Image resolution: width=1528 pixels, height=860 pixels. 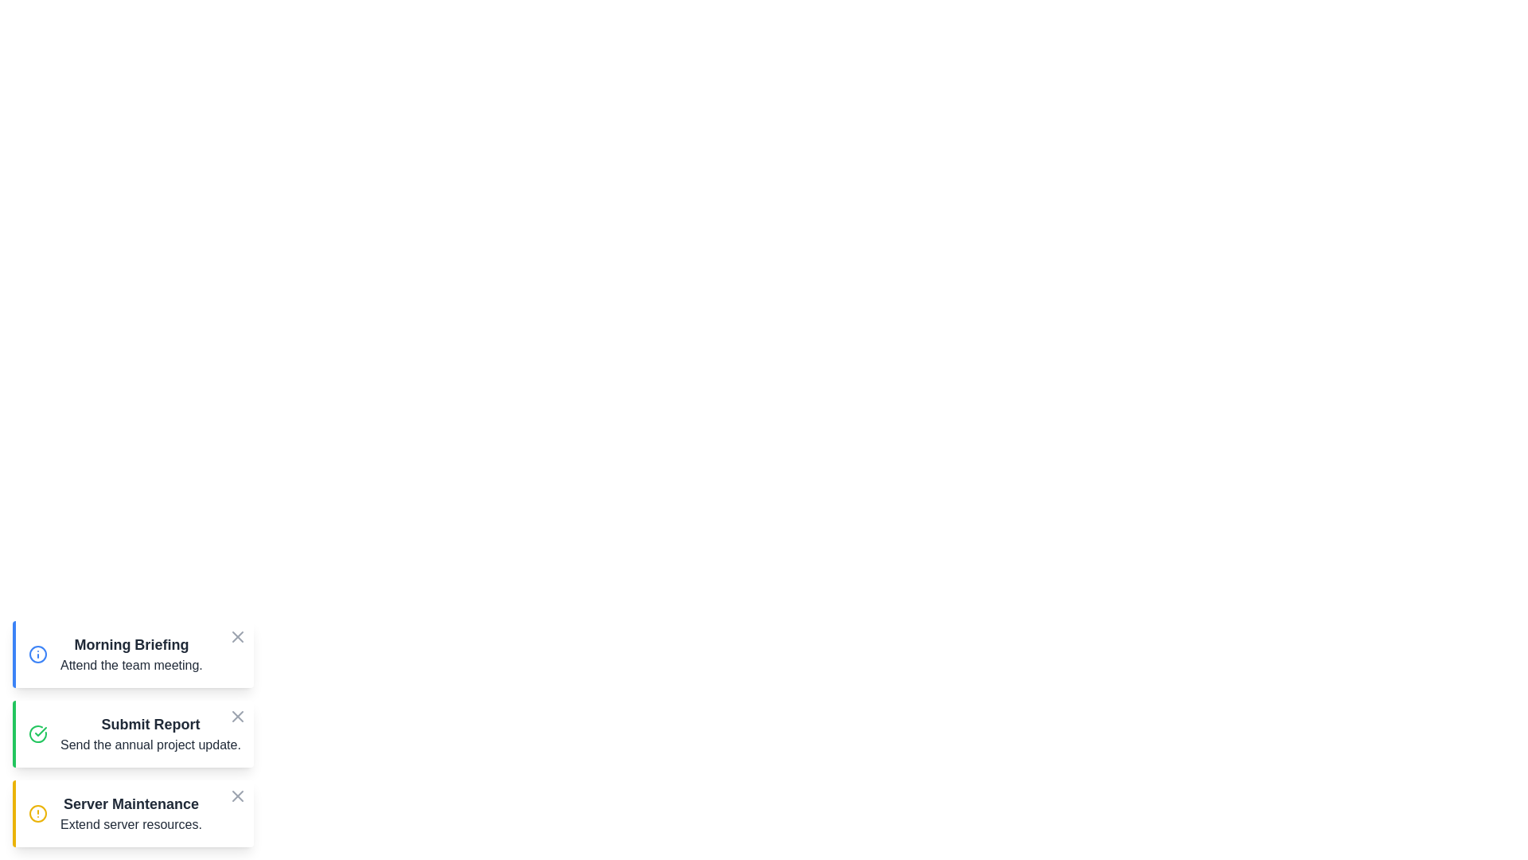 What do you see at coordinates (131, 814) in the screenshot?
I see `the text block that serves as a title and description for a server maintenance-related action, located below the 'Submit Report' entry and above a blank space` at bounding box center [131, 814].